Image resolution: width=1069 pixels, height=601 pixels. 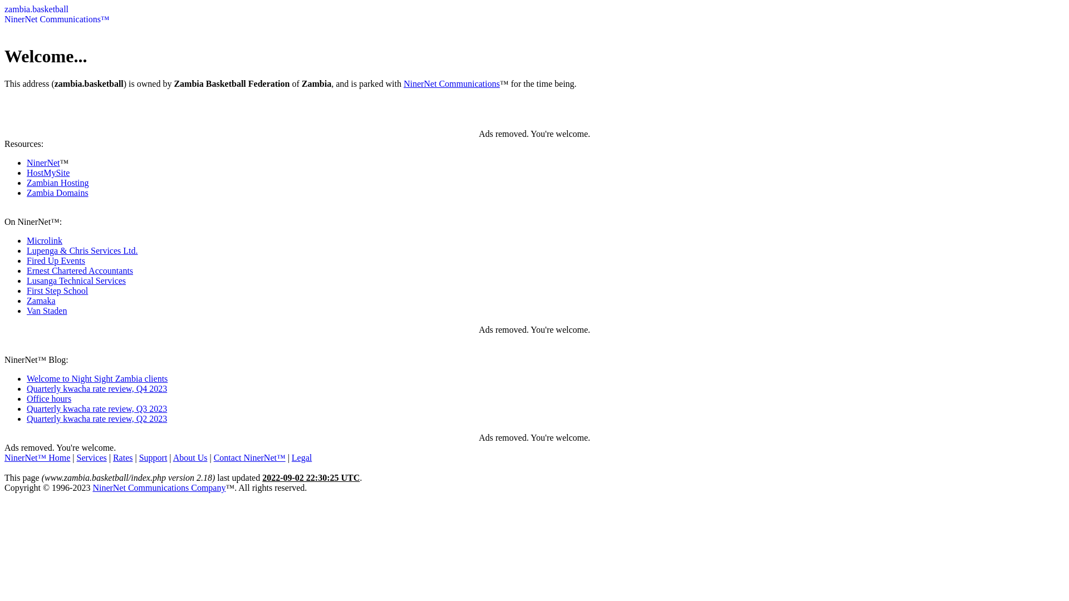 What do you see at coordinates (153, 457) in the screenshot?
I see `'Support'` at bounding box center [153, 457].